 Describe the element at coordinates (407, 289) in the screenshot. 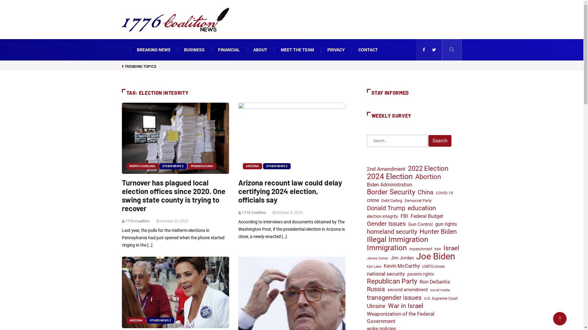

I see `'second amendment'` at that location.